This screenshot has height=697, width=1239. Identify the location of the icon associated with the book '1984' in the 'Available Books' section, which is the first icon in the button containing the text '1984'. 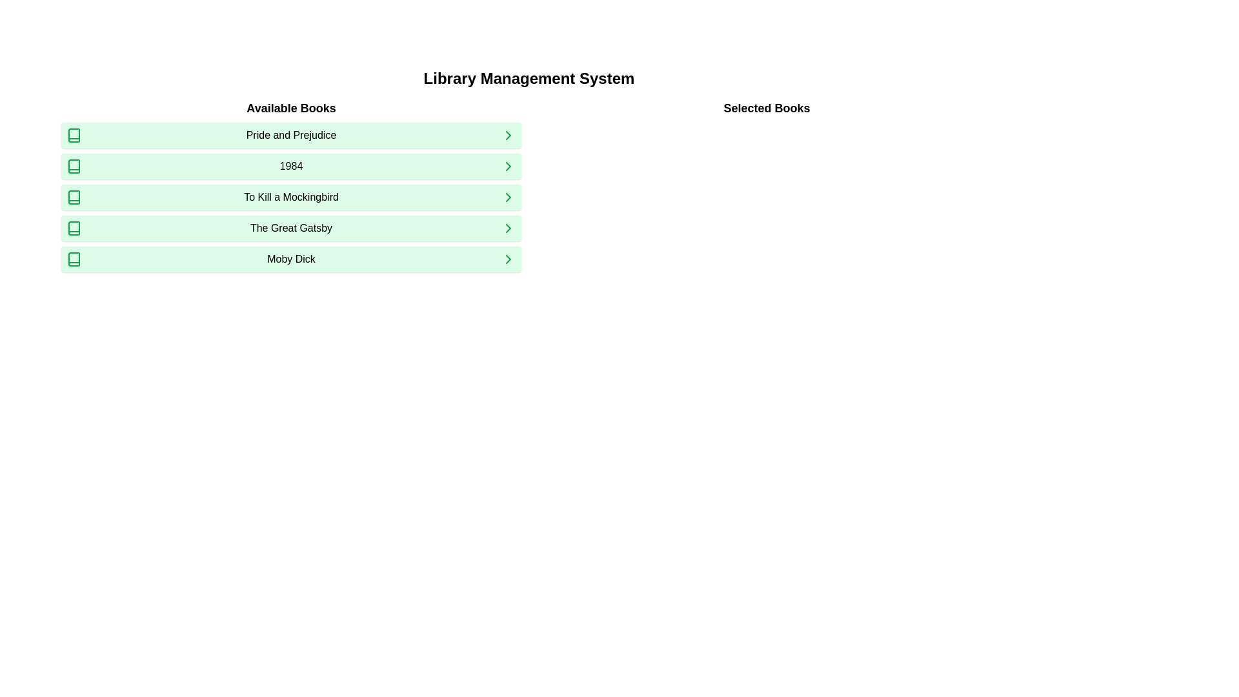
(74, 166).